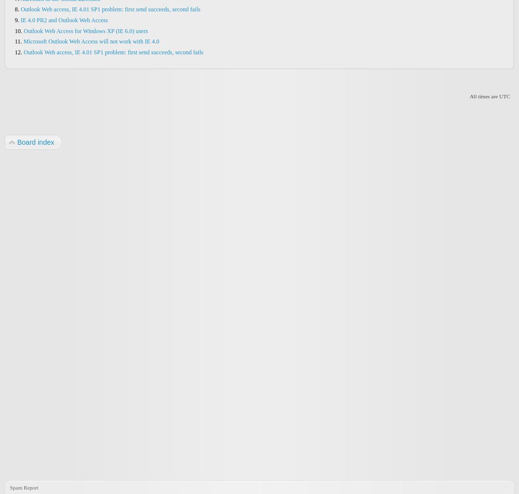 Image resolution: width=519 pixels, height=494 pixels. Describe the element at coordinates (18, 9) in the screenshot. I see `'8.'` at that location.